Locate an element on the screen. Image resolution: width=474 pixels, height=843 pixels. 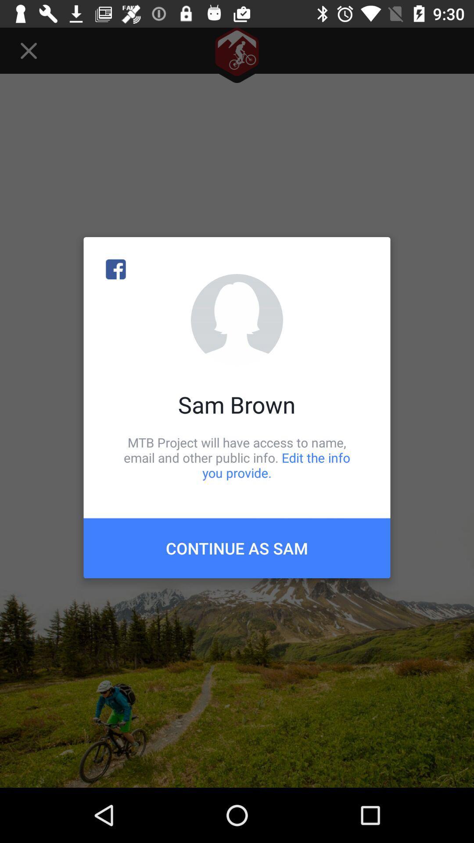
icon above continue as sam icon is located at coordinates (237, 457).